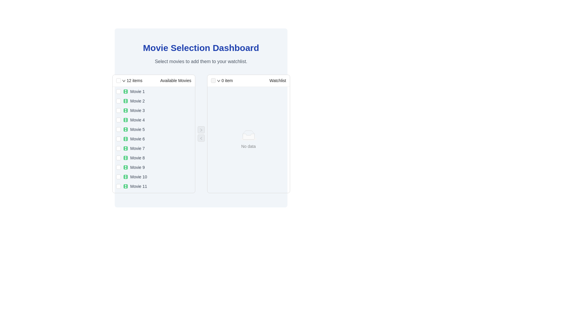  I want to click on the static text display indicating the number of items available or selected, located in the header section of the left list panel, to the left of the 'Available Movies' text, so click(134, 81).